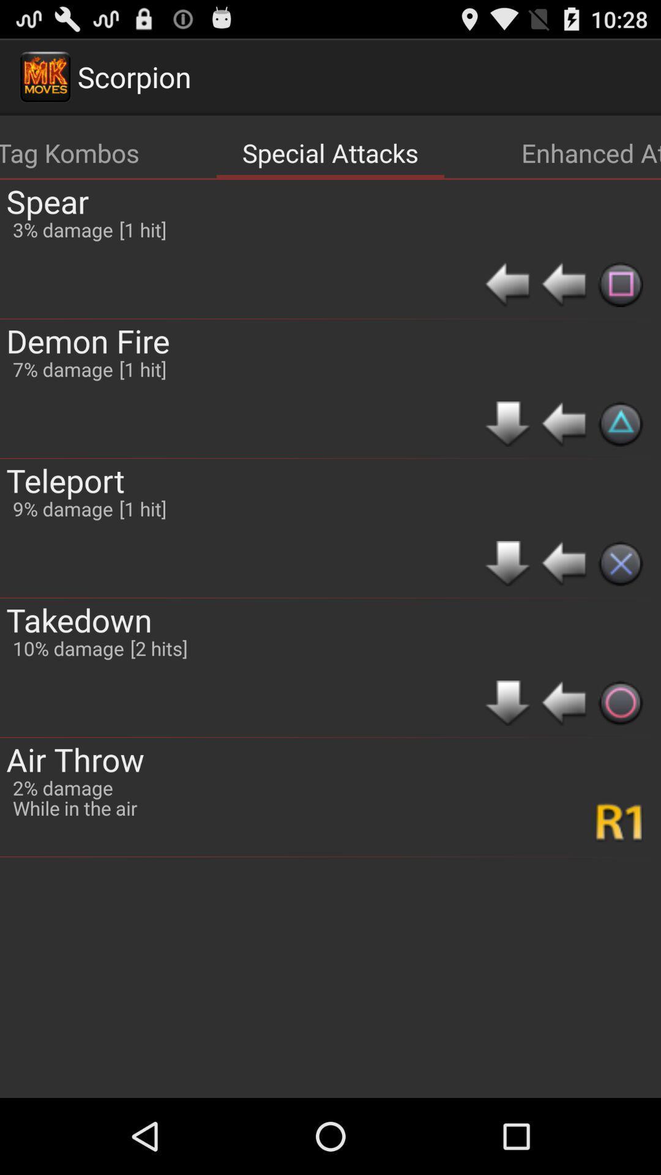 This screenshot has height=1175, width=661. What do you see at coordinates (590, 152) in the screenshot?
I see `icon to the right of the special attacks` at bounding box center [590, 152].